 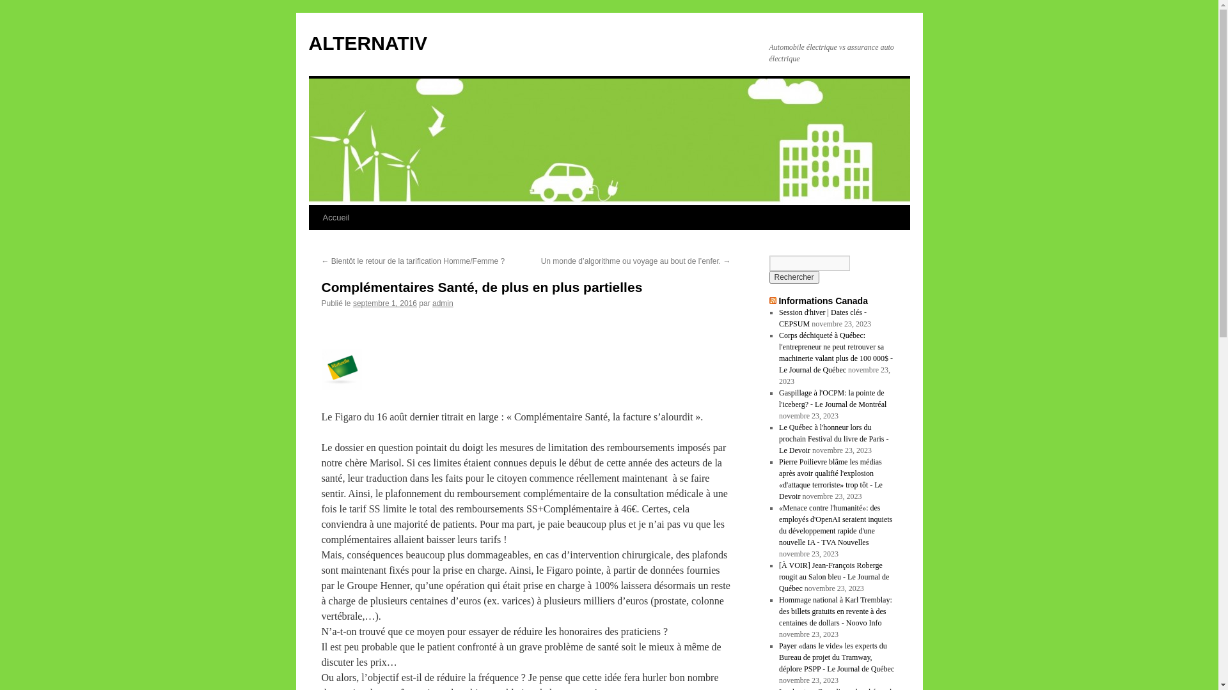 I want to click on 'Informations Canada', so click(x=823, y=300).